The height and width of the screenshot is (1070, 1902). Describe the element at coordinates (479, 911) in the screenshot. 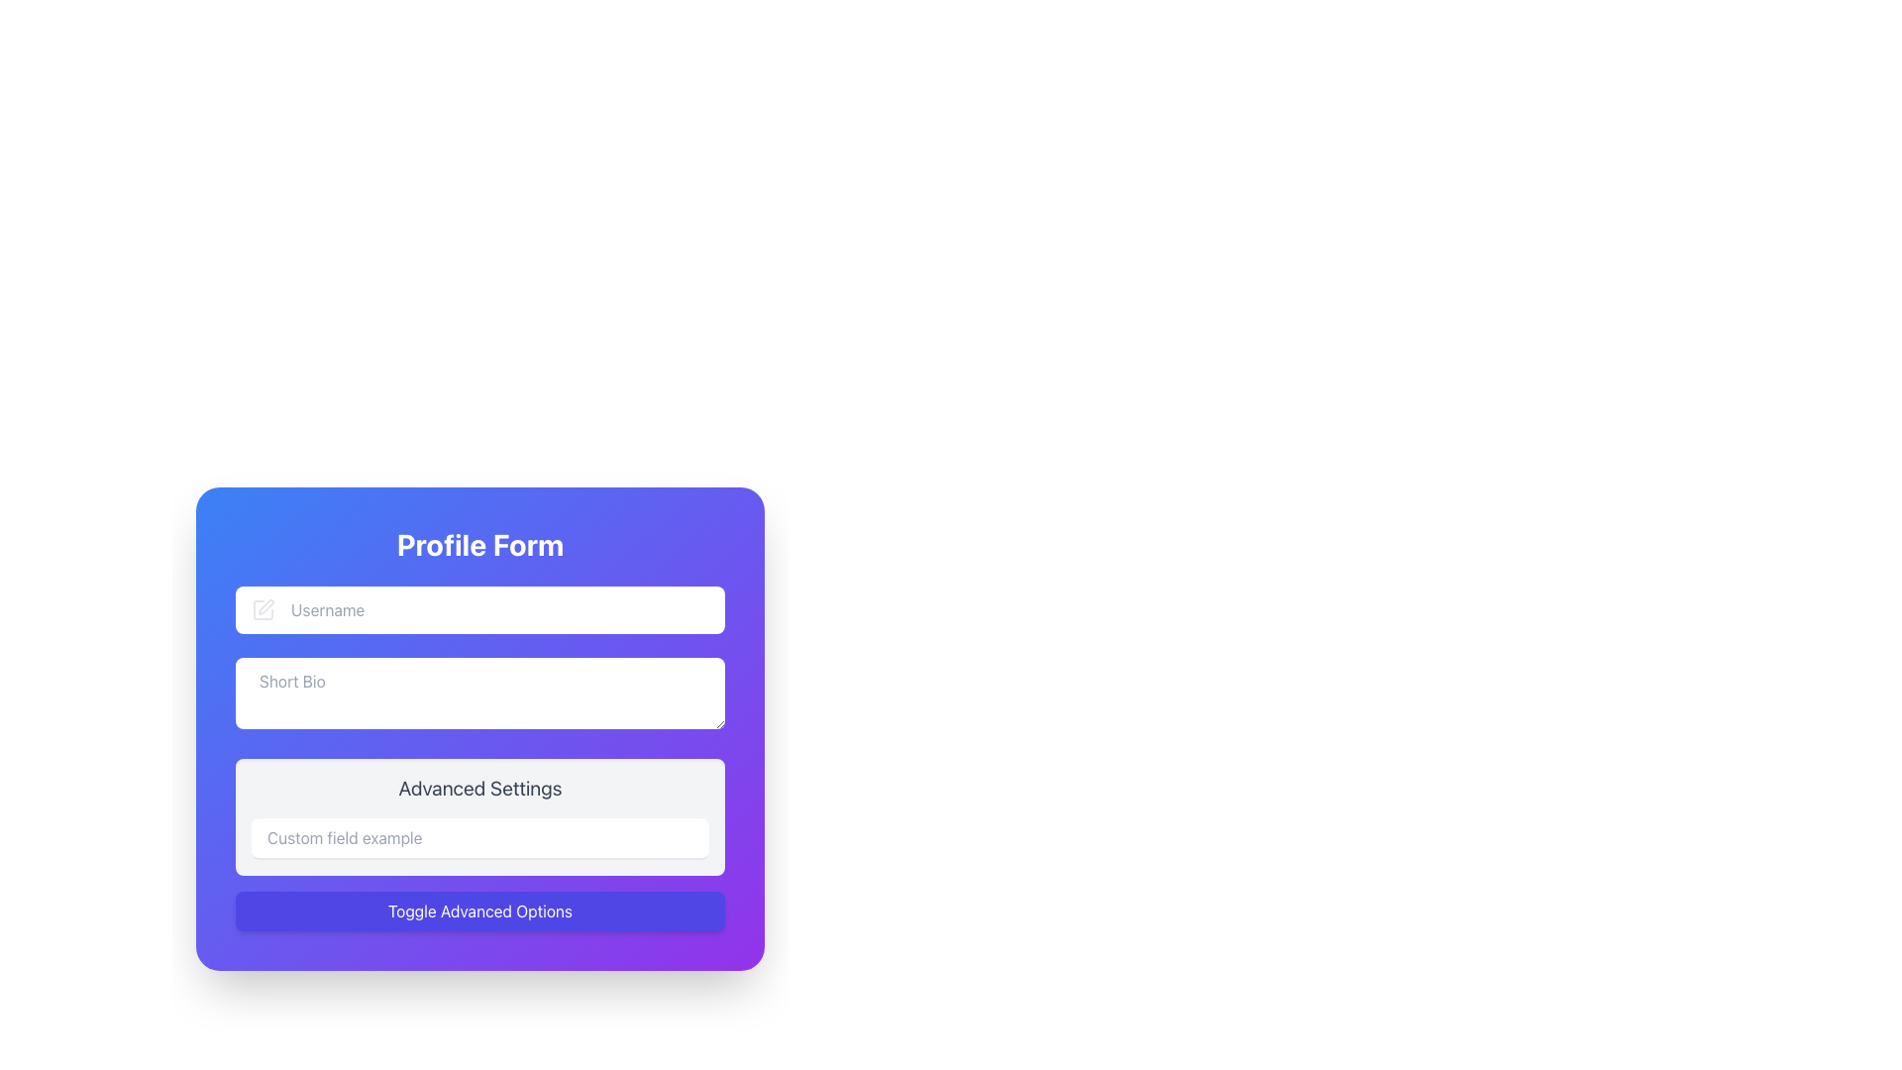

I see `the 'Toggle Advanced Options' button, which is a rectangular button with white text on a purple background located at the bottom section of the 'Advanced Settings' form` at that location.